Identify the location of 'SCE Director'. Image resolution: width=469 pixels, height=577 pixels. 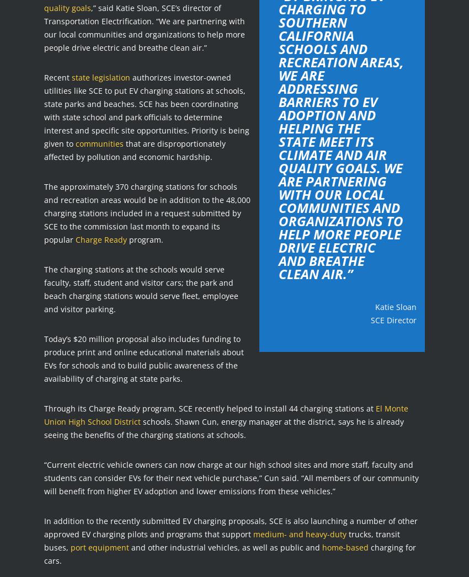
(371, 319).